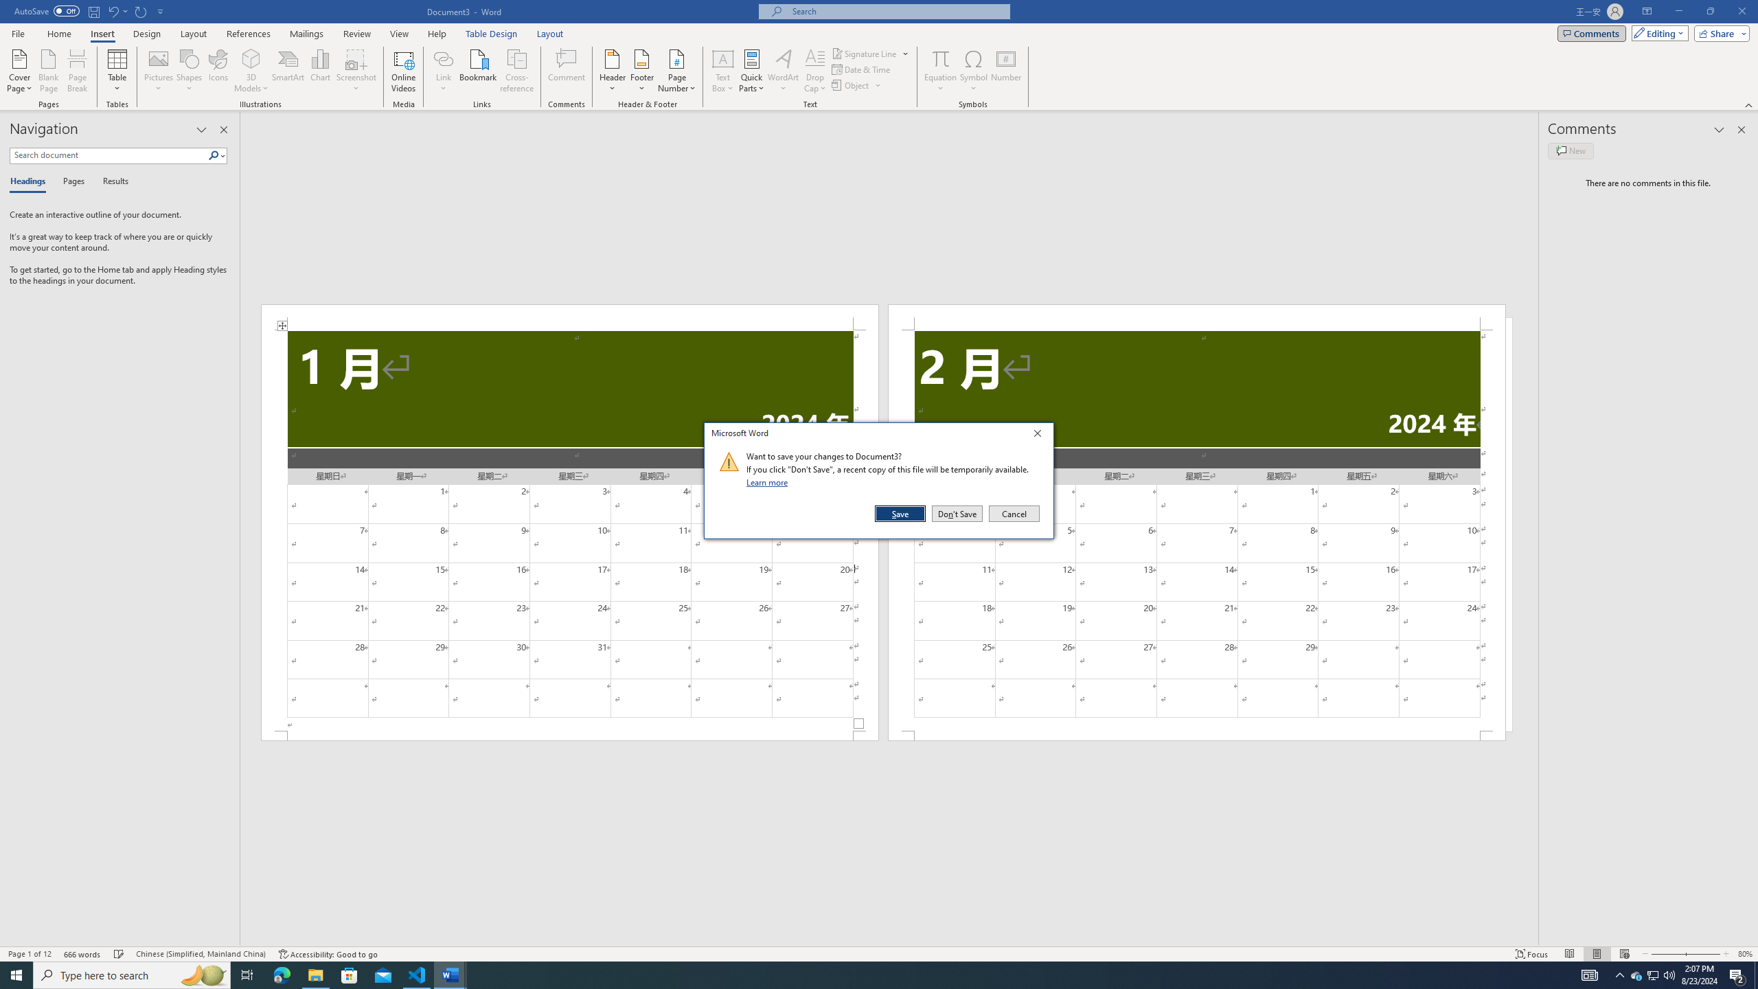 The height and width of the screenshot is (989, 1758). Describe the element at coordinates (1620, 974) in the screenshot. I see `'Notification Chevron'` at that location.